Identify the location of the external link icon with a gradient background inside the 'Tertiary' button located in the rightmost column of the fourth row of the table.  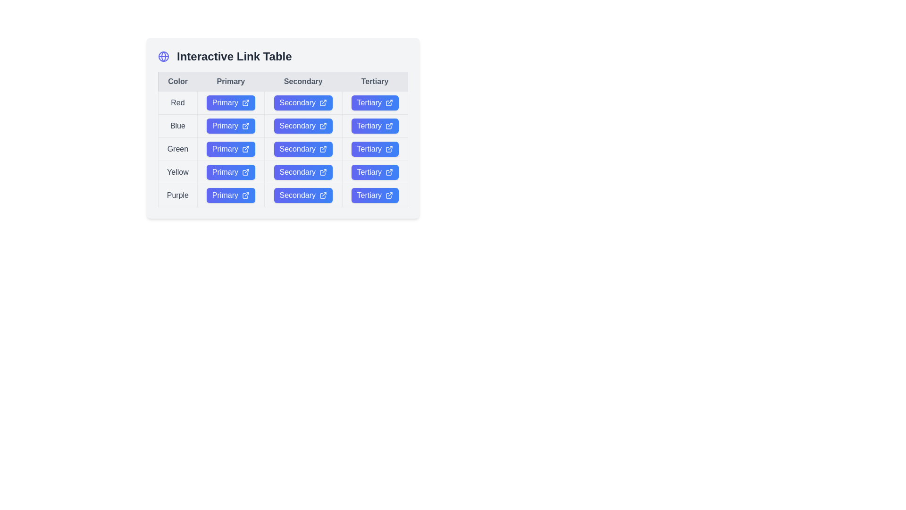
(389, 149).